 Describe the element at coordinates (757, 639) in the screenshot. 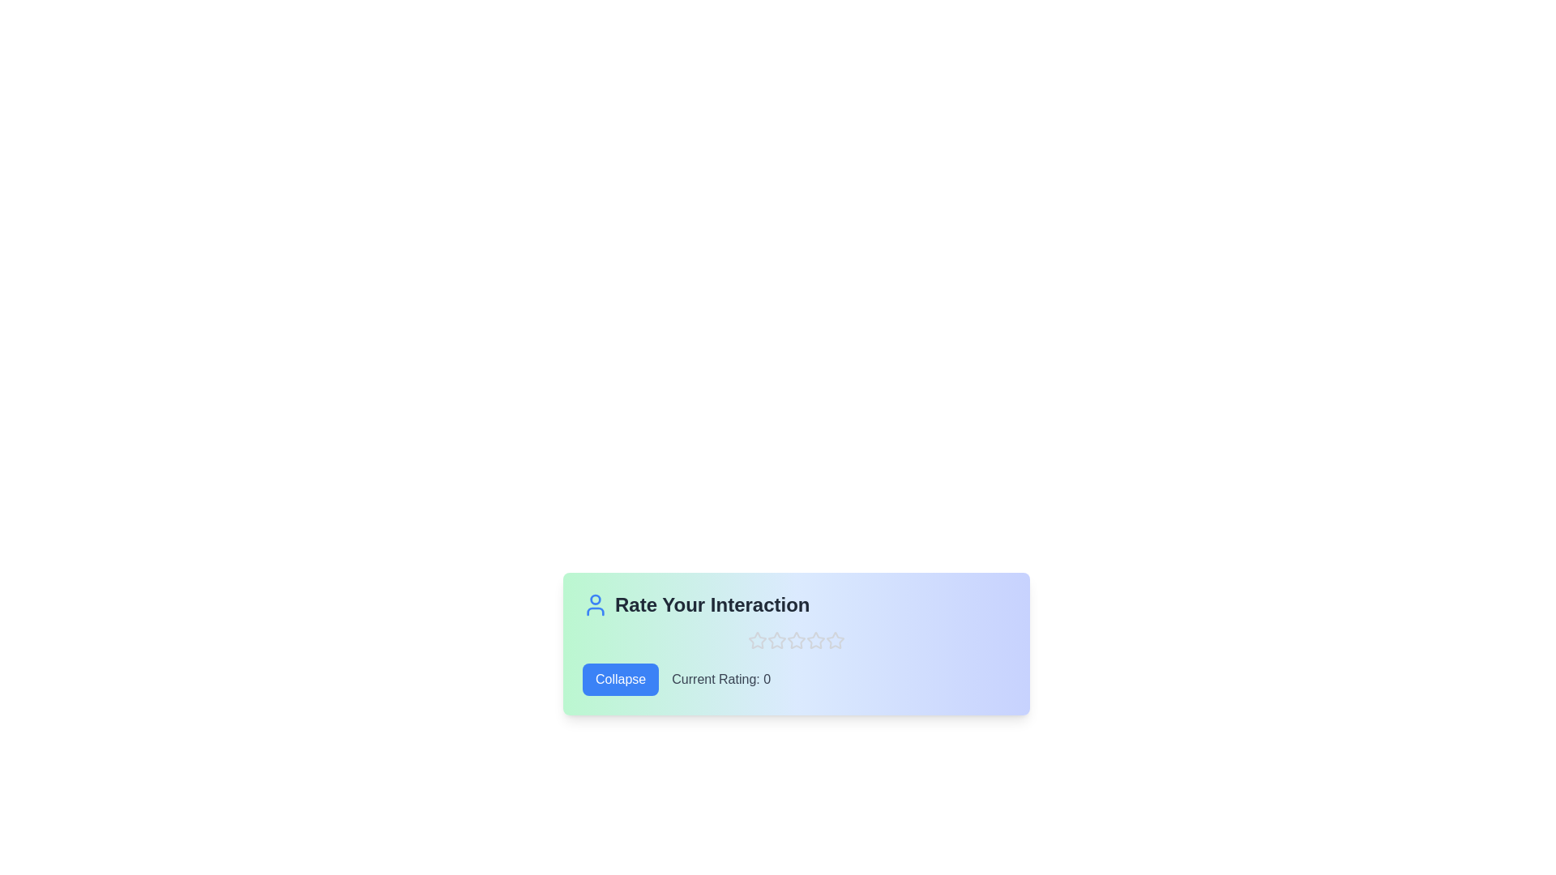

I see `the star corresponding to the desired rating 1` at that location.